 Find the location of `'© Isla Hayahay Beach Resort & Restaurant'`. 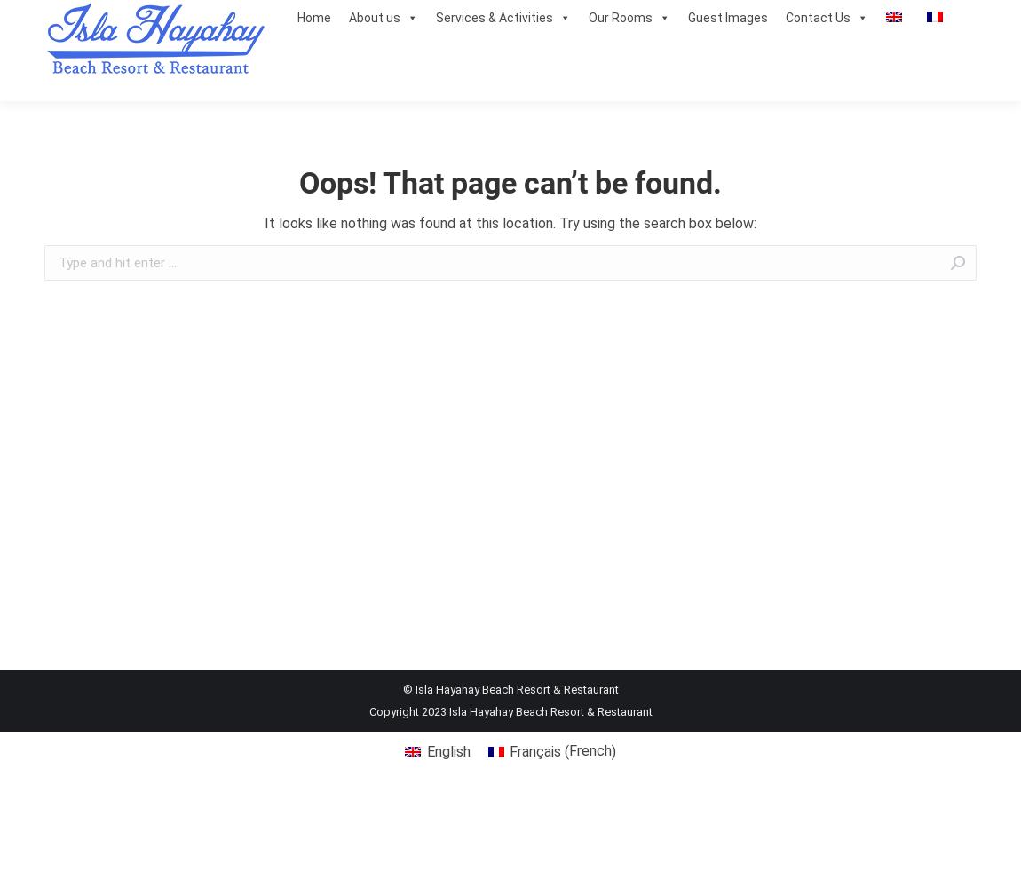

'© Isla Hayahay Beach Resort & Restaurant' is located at coordinates (510, 689).